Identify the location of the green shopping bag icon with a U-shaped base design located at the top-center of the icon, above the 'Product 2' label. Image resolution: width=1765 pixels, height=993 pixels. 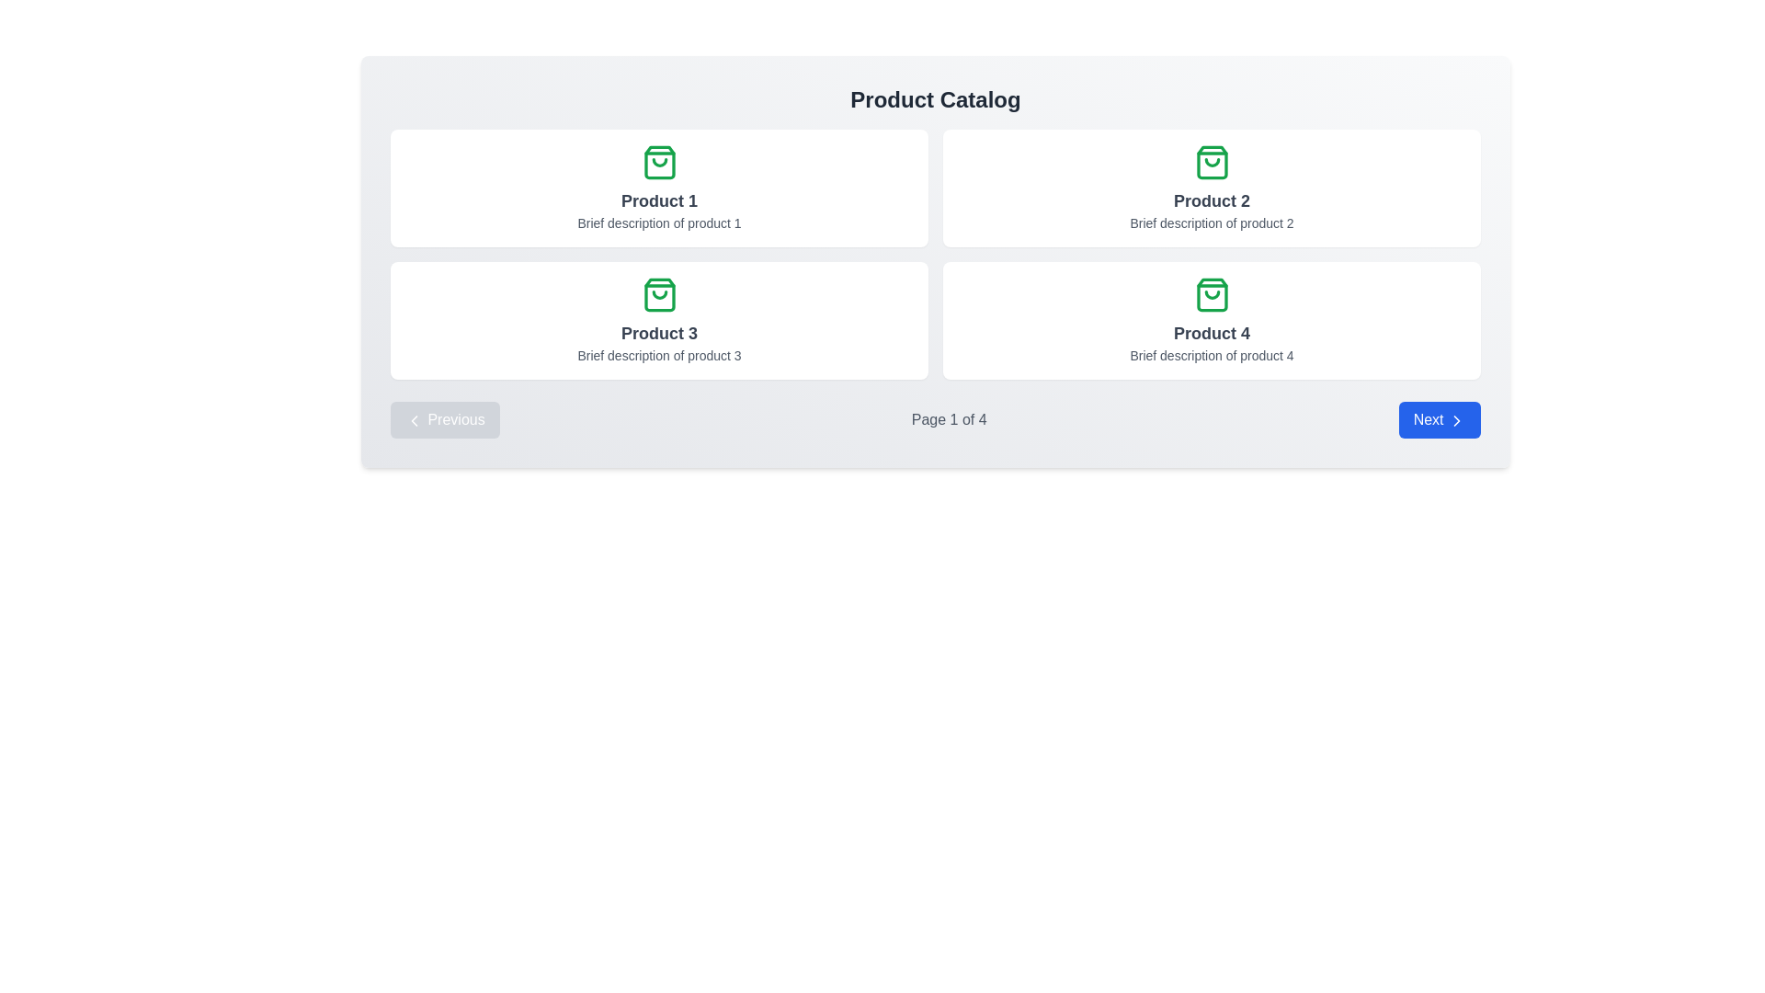
(1212, 162).